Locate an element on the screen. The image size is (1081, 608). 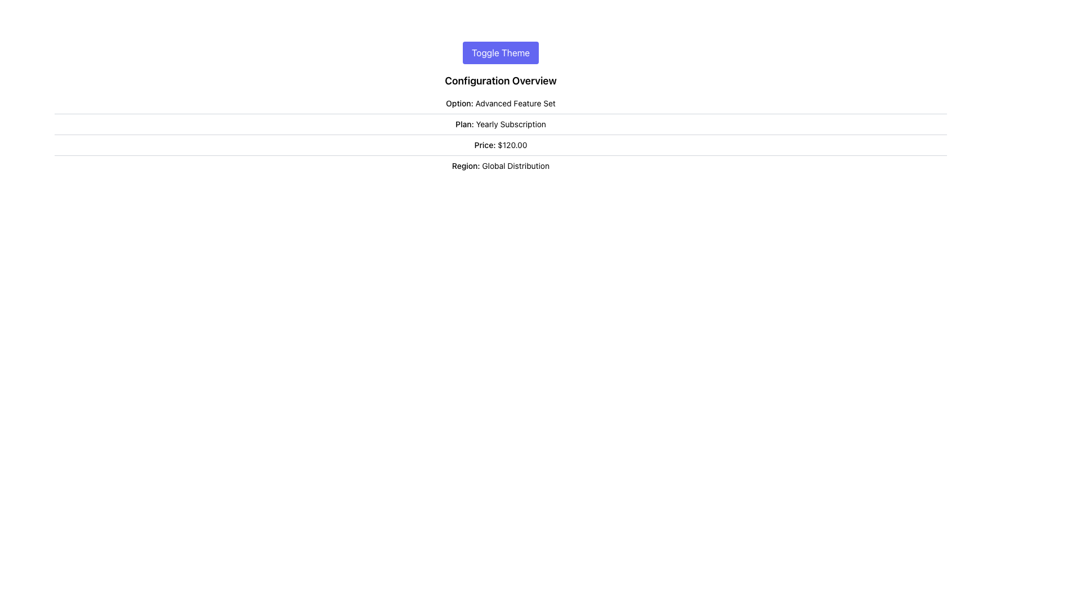
the text label displaying 'Option:' which is positioned to the left of 'Advanced Feature Set' in the 'Configuration Overview' section is located at coordinates (461, 103).